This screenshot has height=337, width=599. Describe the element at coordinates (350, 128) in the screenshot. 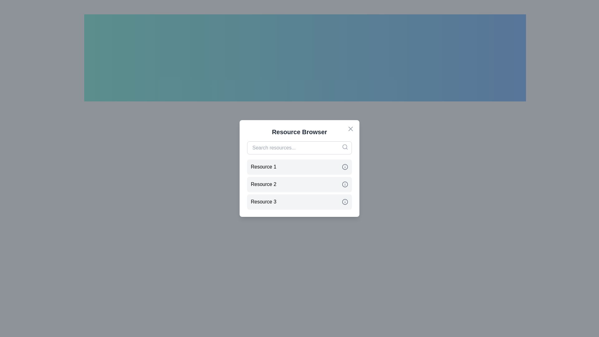

I see `the close button, styled as an 'X' icon, located at the top-right corner of the dialog box` at that location.